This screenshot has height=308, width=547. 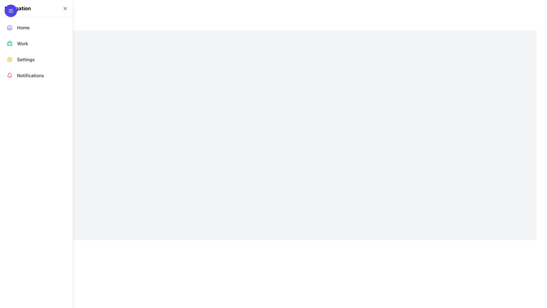 What do you see at coordinates (25, 59) in the screenshot?
I see `the 'Settings' text label in the sidebar navigation menu` at bounding box center [25, 59].